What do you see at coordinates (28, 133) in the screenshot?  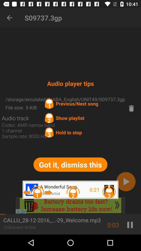 I see `codec amr narrow` at bounding box center [28, 133].